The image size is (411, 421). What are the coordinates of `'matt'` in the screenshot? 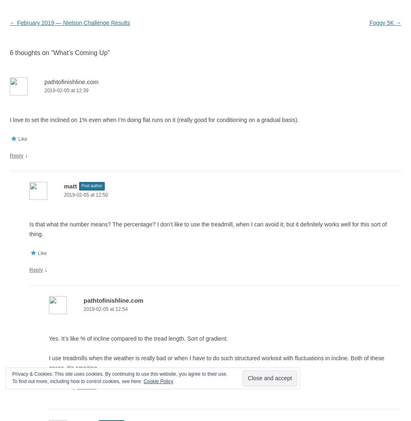 It's located at (70, 186).